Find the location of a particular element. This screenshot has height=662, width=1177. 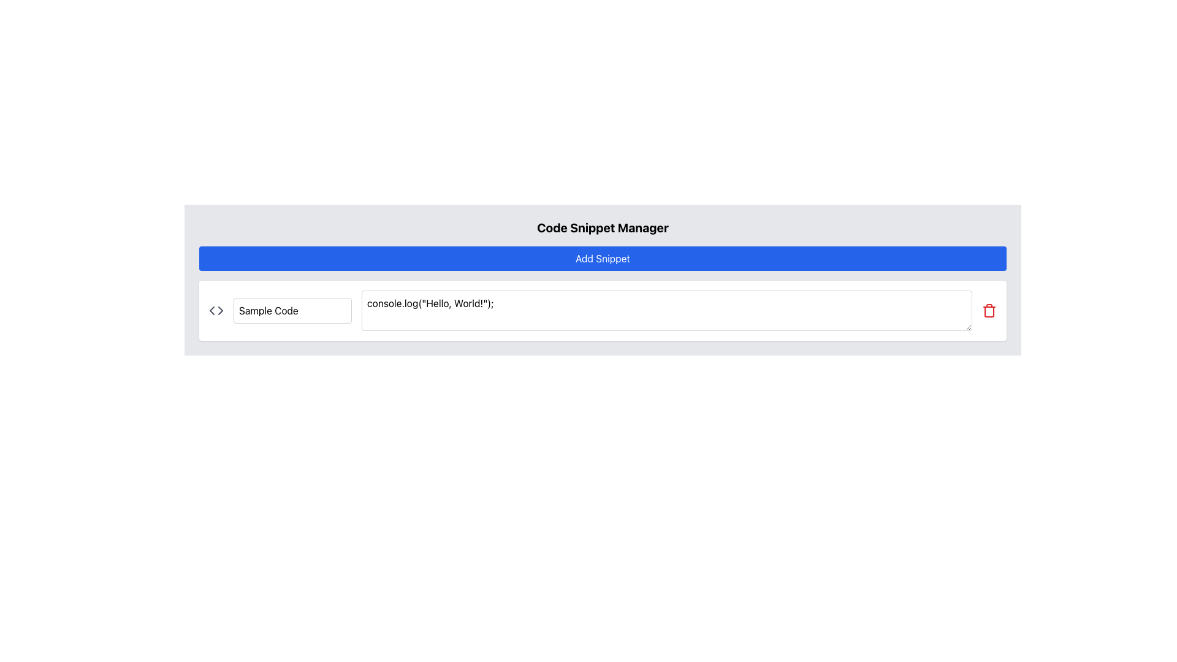

the icon that visually represents code snippets, located to the left of the 'Sample Code' text field in the row is located at coordinates (216, 310).